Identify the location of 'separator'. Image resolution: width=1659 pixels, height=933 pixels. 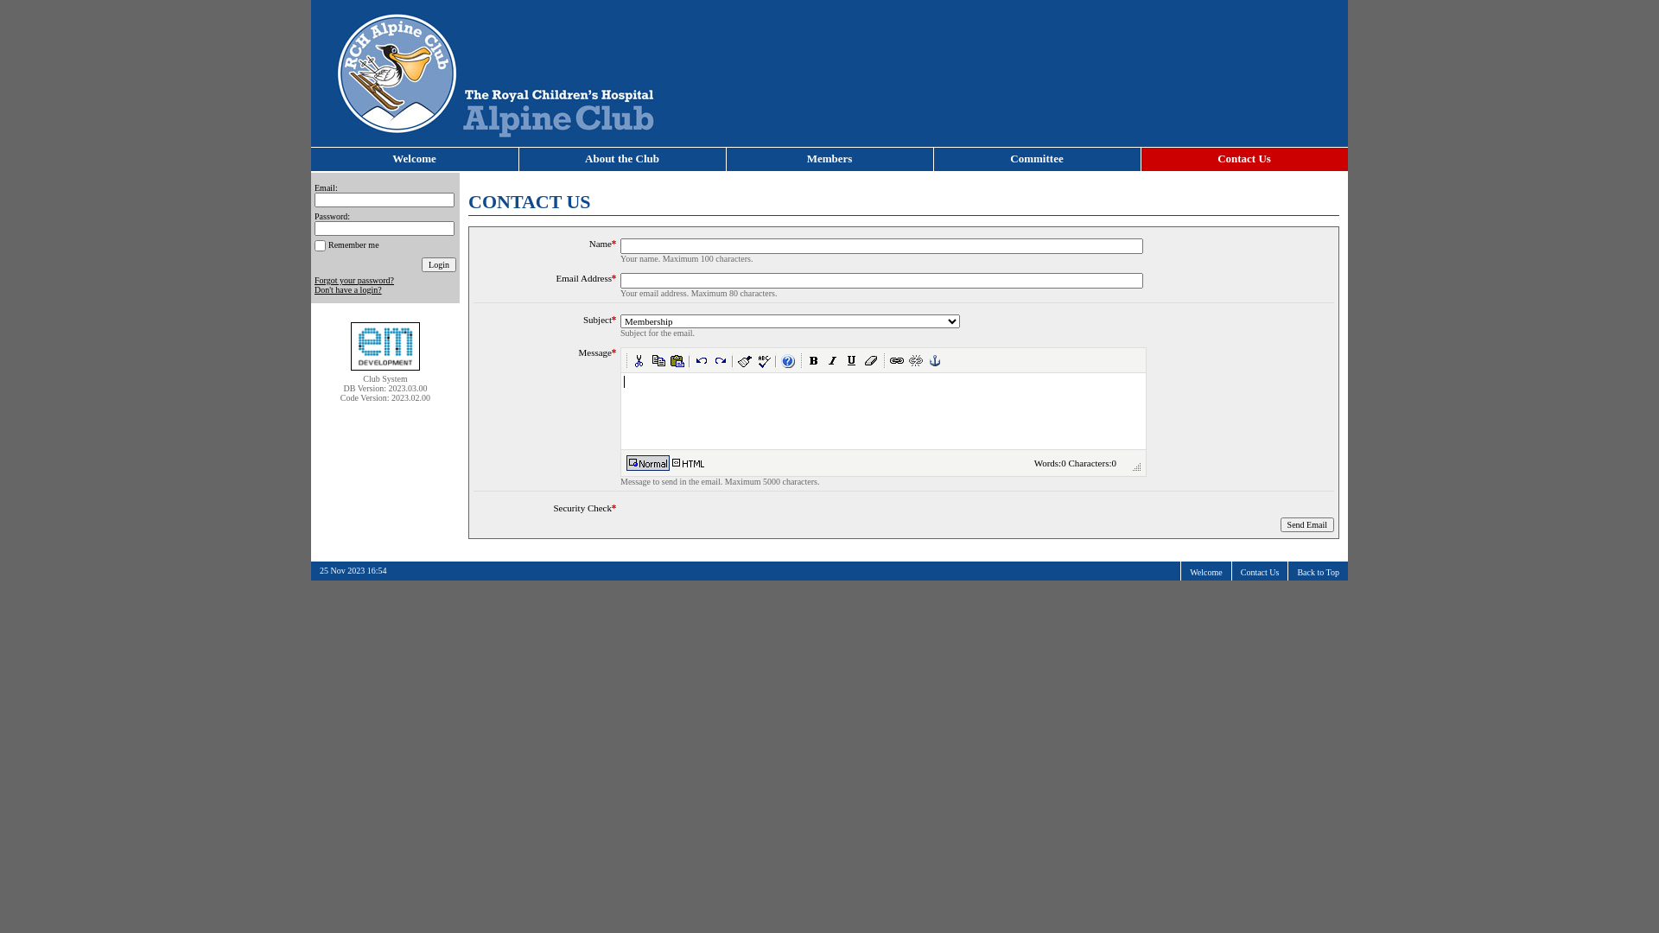
(774, 359).